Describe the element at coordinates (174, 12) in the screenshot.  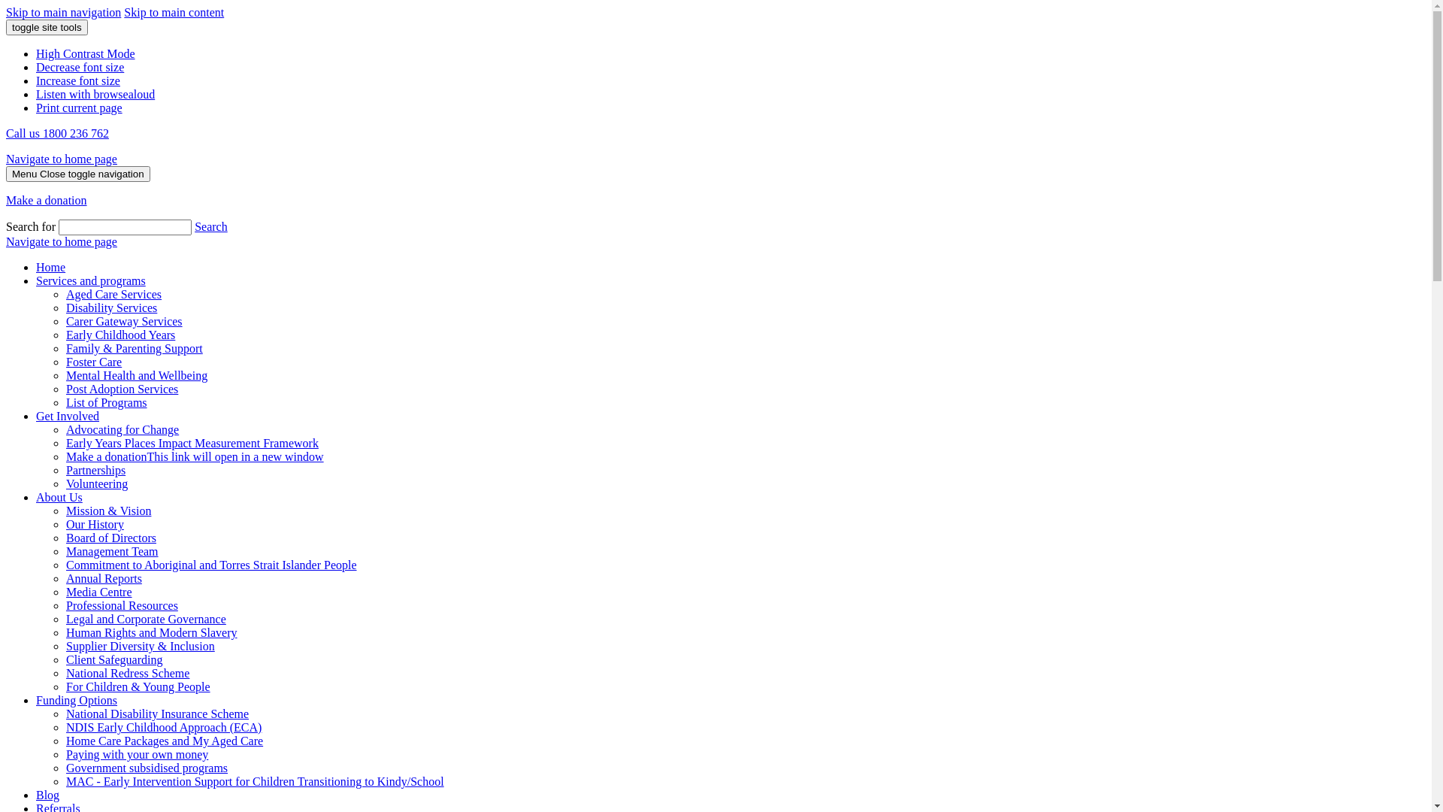
I see `'Skip to main content'` at that location.